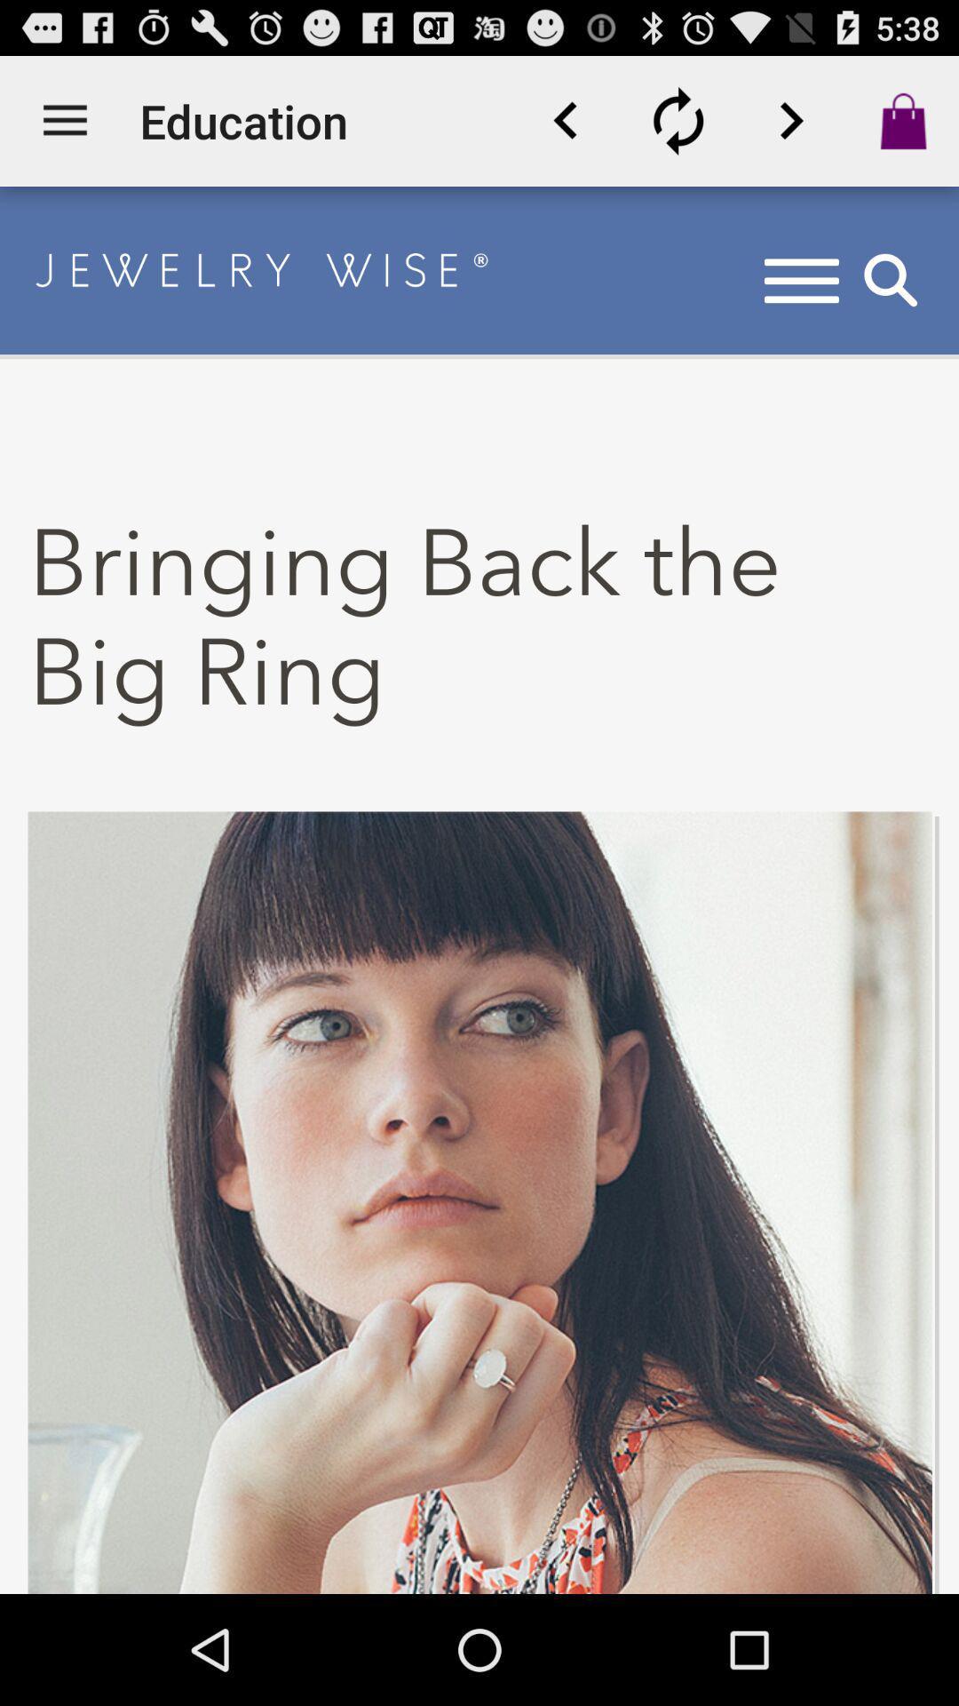 The height and width of the screenshot is (1706, 959). I want to click on refresh page, so click(678, 120).